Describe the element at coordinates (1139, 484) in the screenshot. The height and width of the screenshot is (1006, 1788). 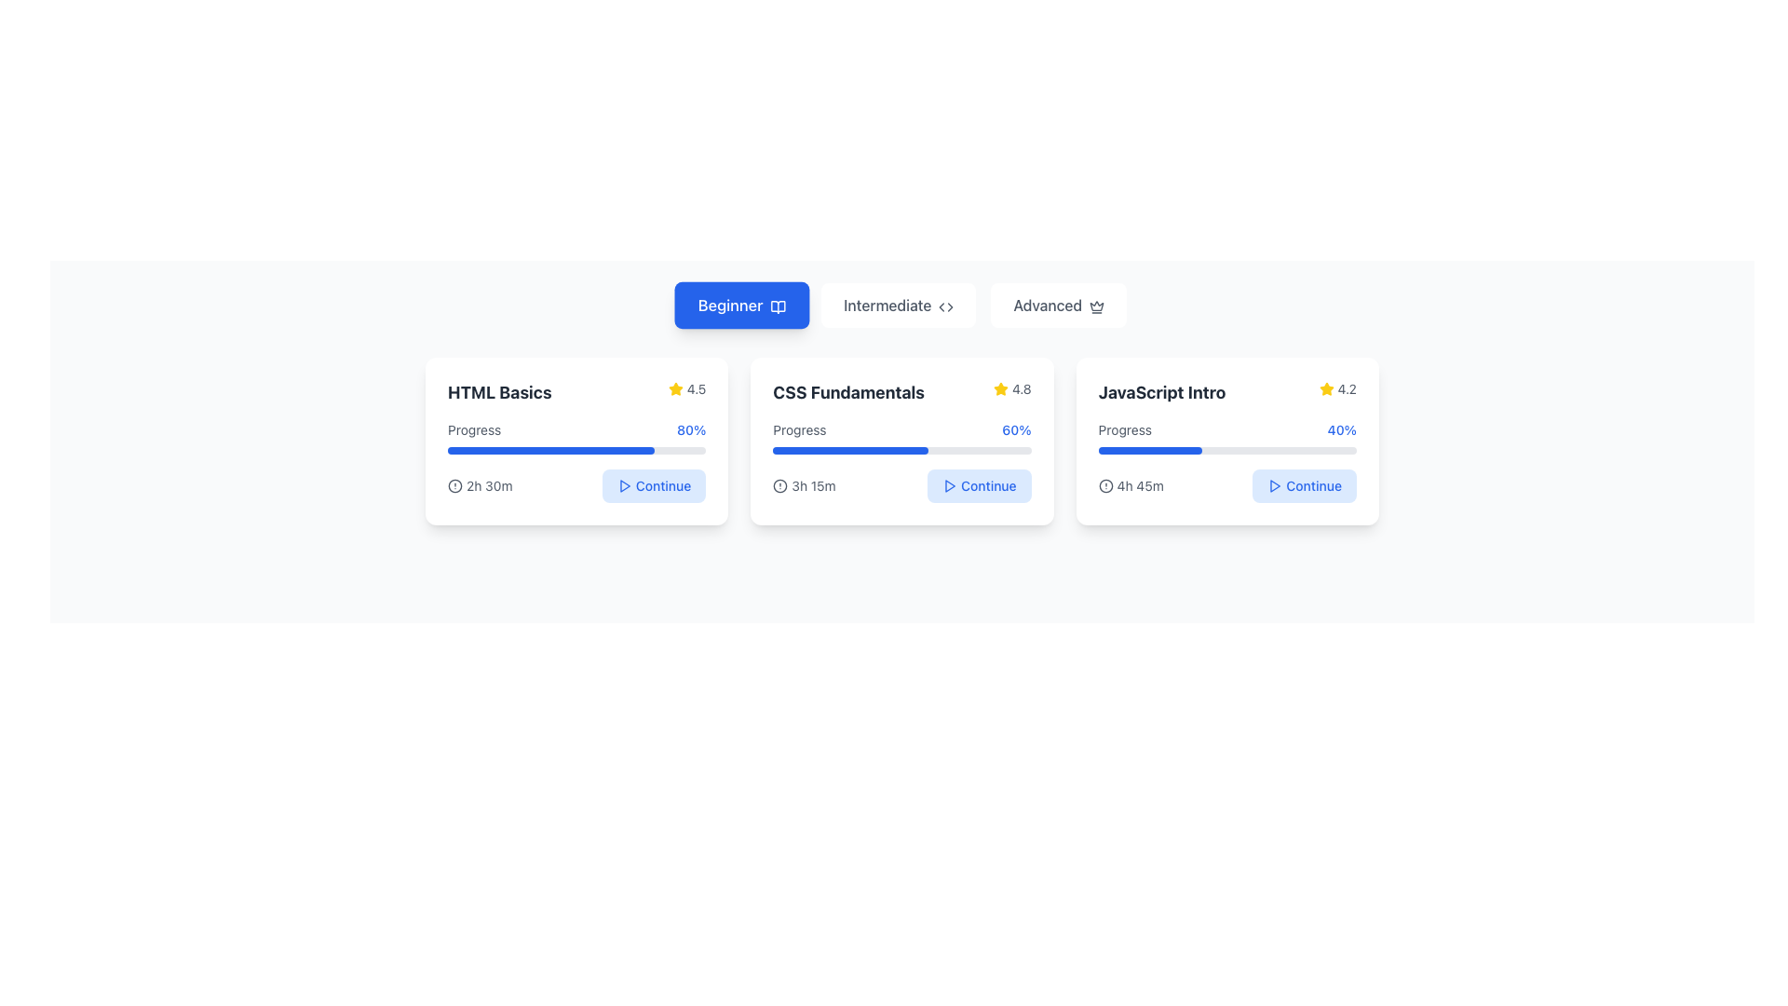
I see `text displaying the duration of the JavaScript Introduction course, located in the third card from the left beneath the tabs` at that location.